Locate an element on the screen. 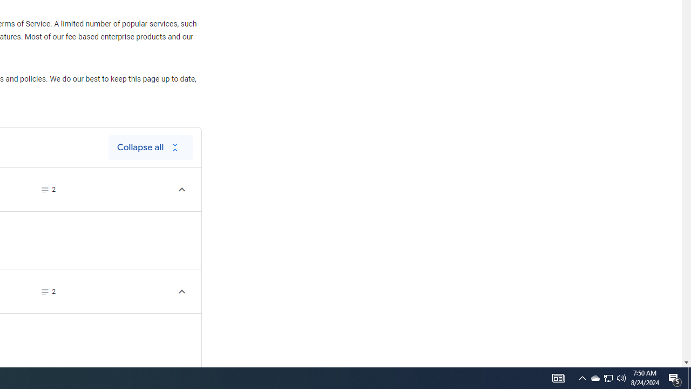 The image size is (691, 389). 'Collapse all' is located at coordinates (150, 147).